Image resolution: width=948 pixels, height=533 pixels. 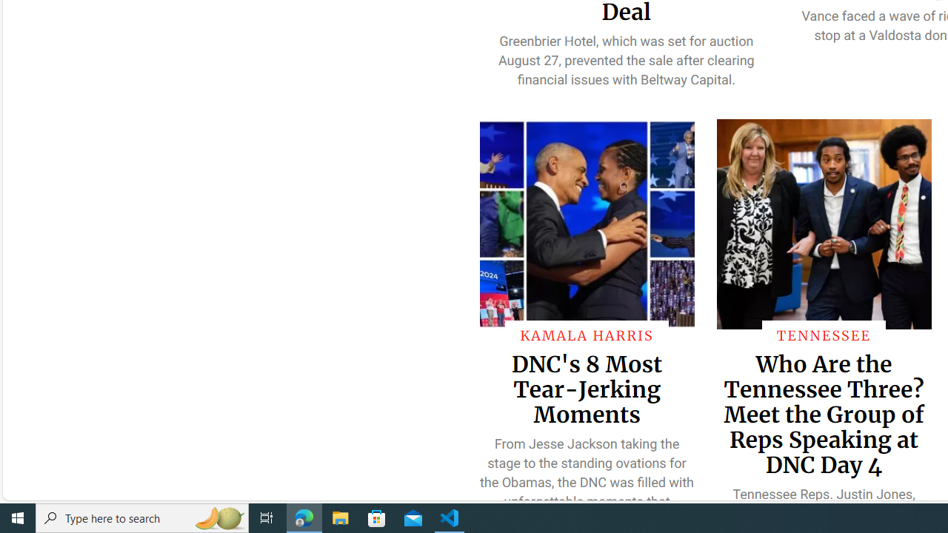 I want to click on 'Search highlights icon opens search home window', so click(x=218, y=517).